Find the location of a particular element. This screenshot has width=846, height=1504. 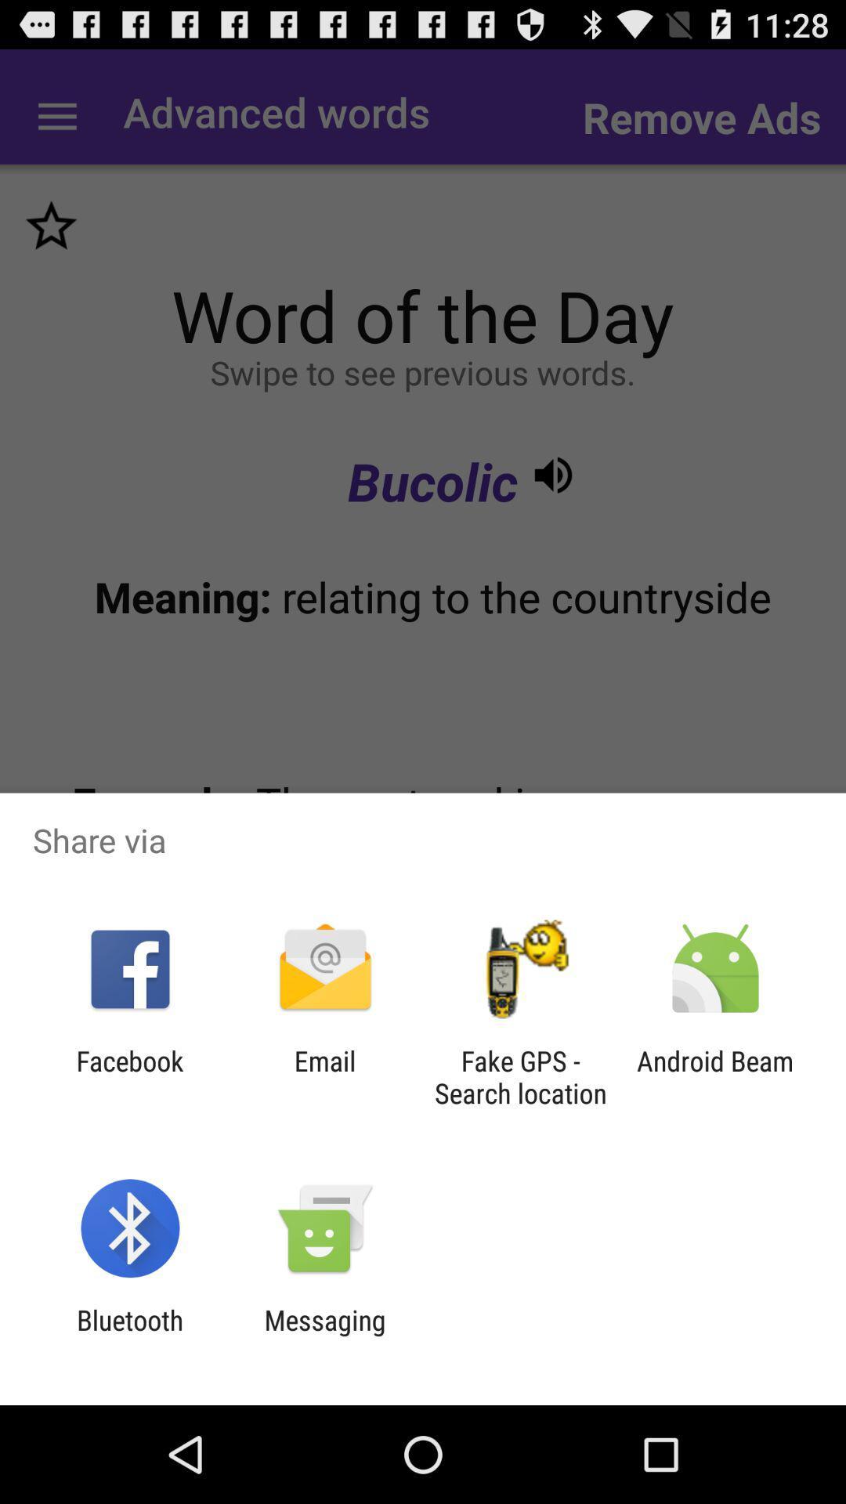

the facebook app is located at coordinates (129, 1076).